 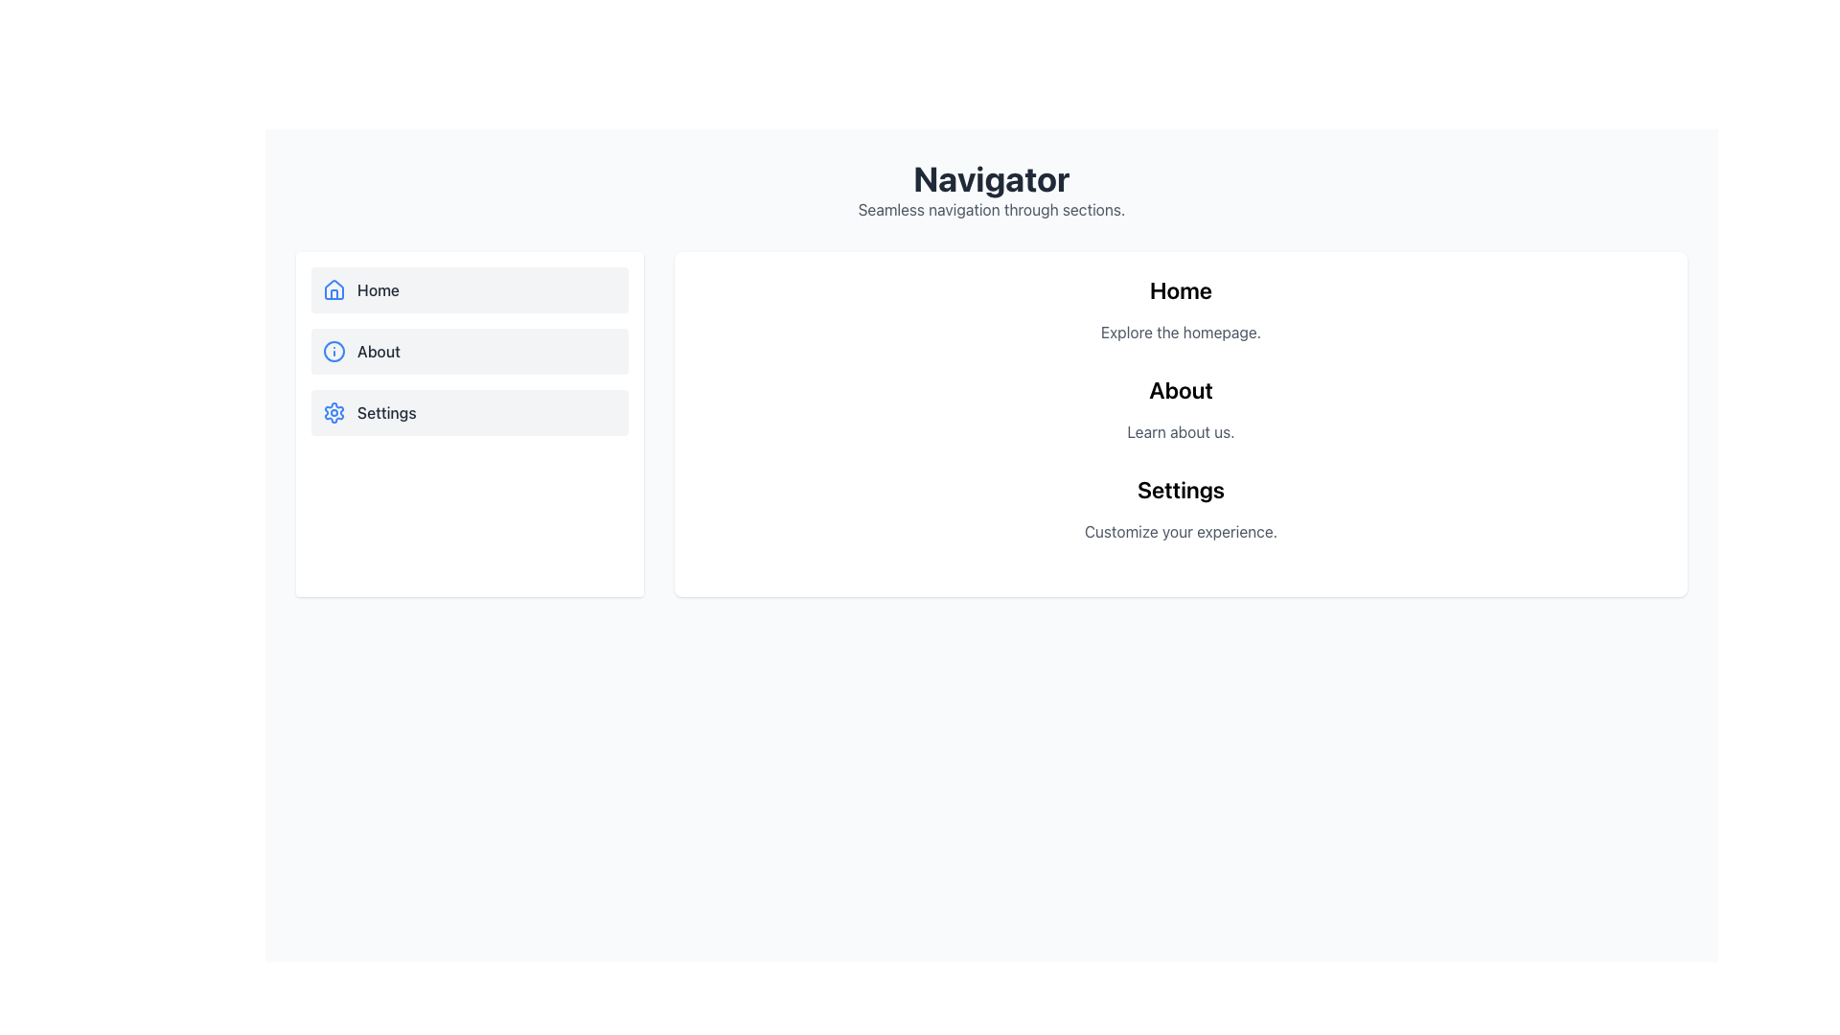 I want to click on the text label providing additional context for the 'Home' section, positioned beneath the title 'Home', so click(x=1180, y=332).